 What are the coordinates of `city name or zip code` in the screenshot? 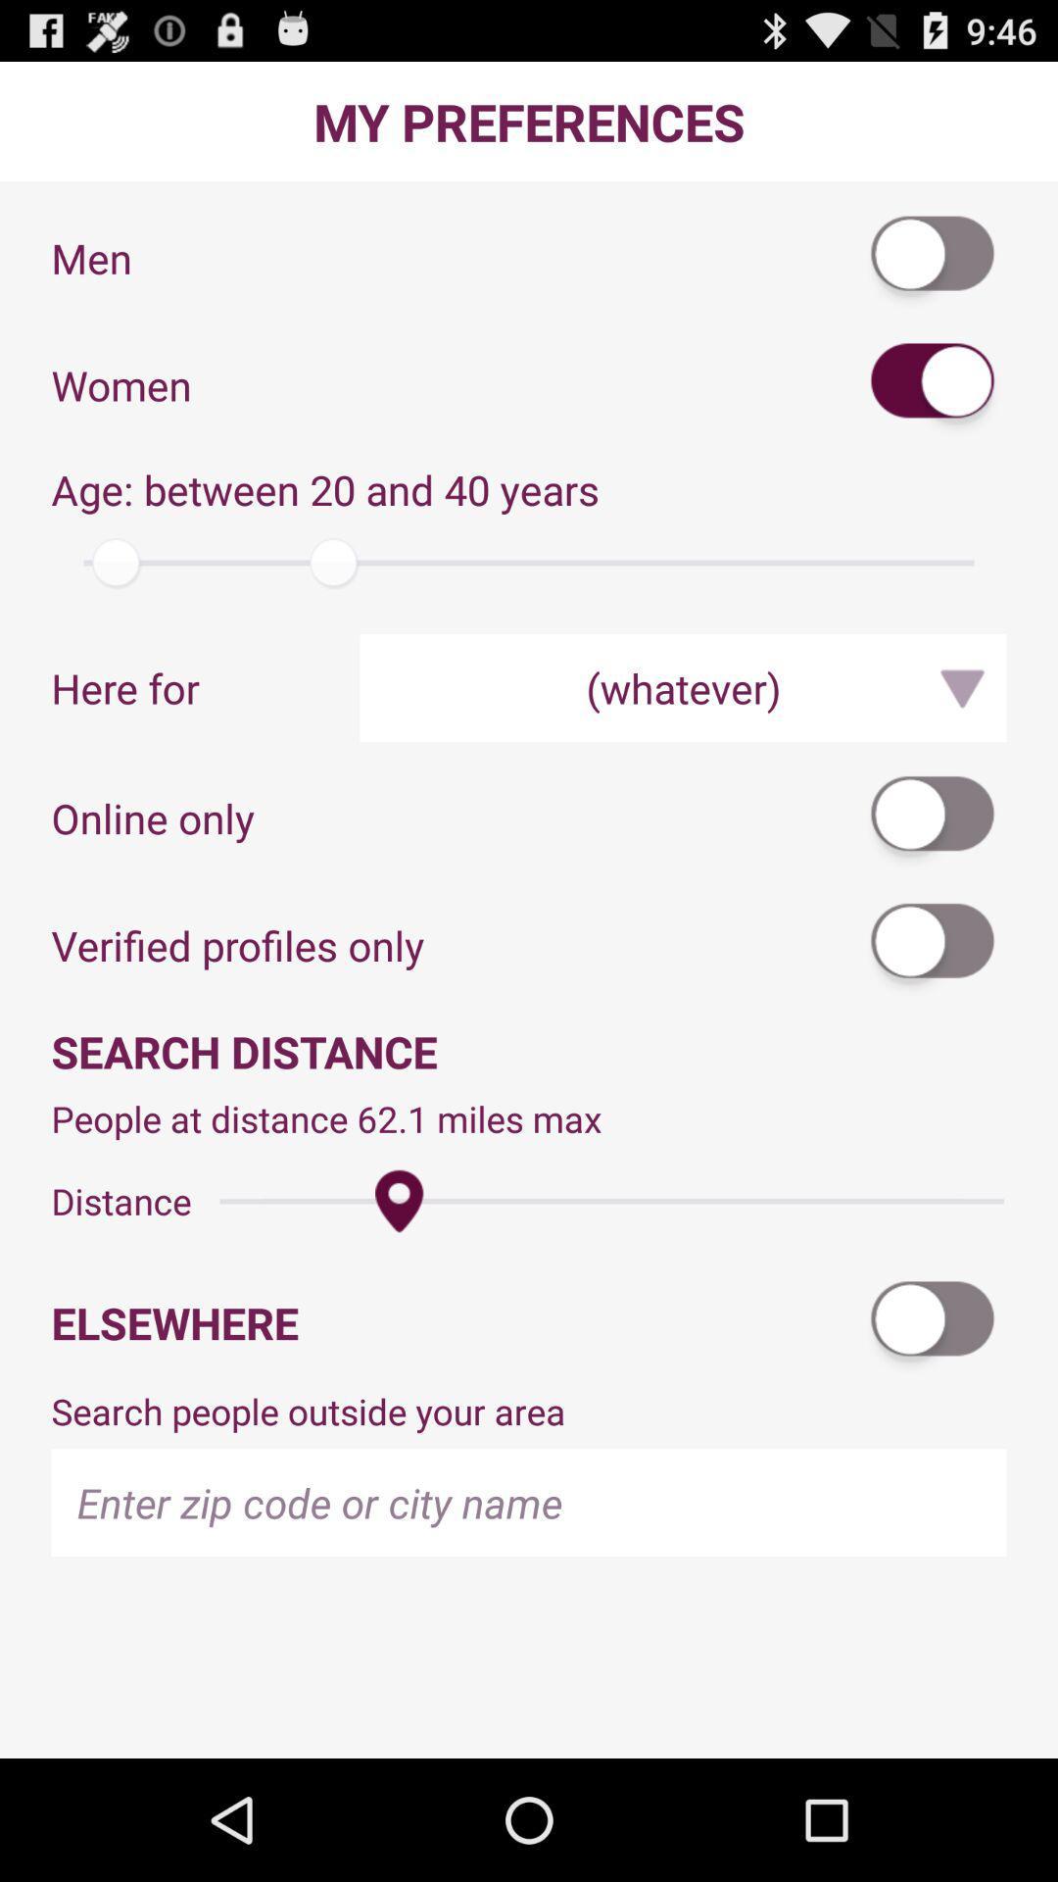 It's located at (529, 1501).